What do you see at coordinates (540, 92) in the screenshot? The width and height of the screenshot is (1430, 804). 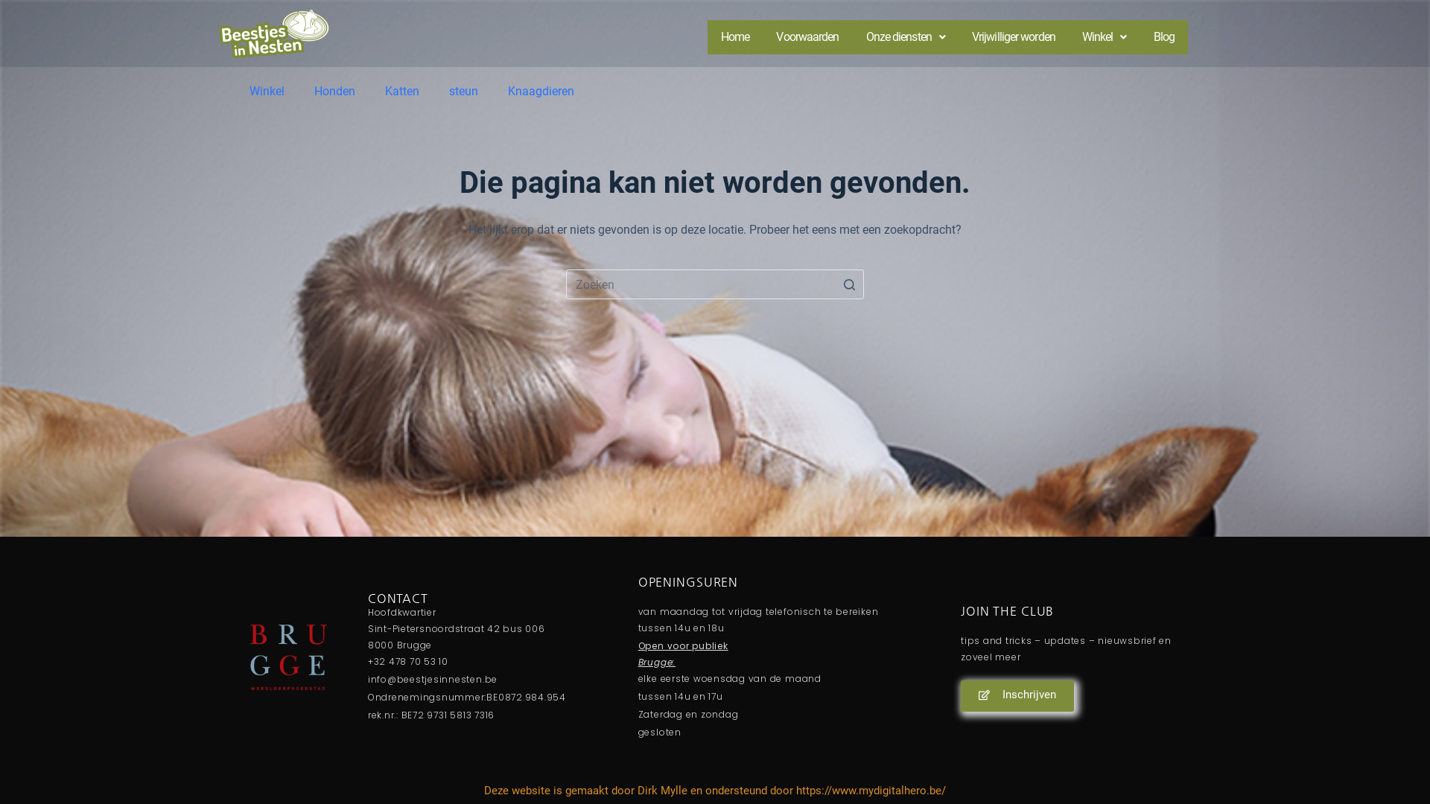 I see `'Knaagdieren'` at bounding box center [540, 92].